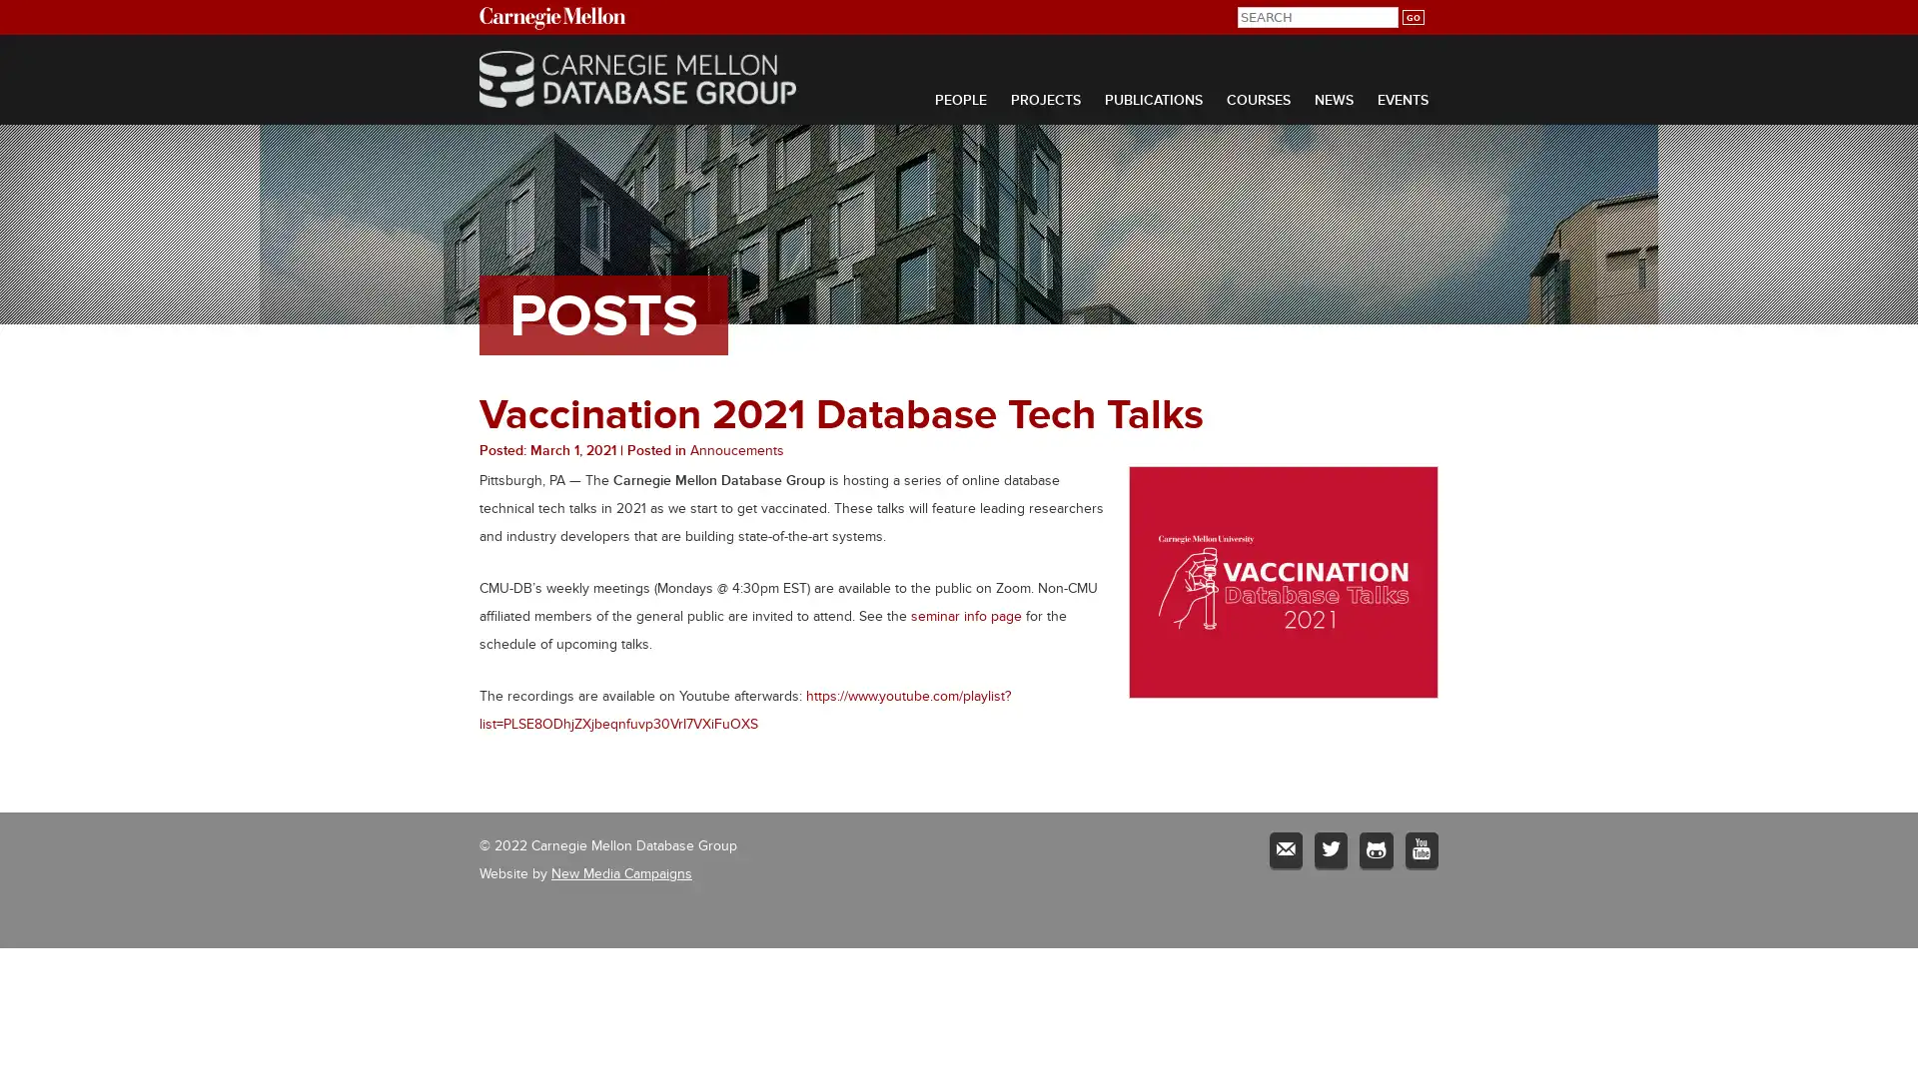  I want to click on Go, so click(1412, 17).